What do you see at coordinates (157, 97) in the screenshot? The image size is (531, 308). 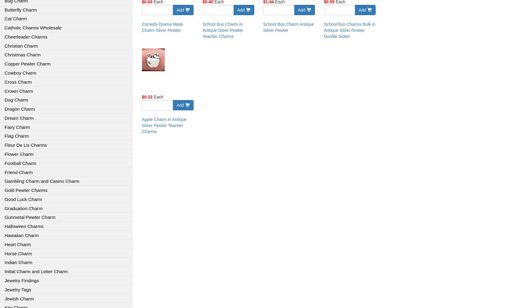 I see `'Each'` at bounding box center [157, 97].